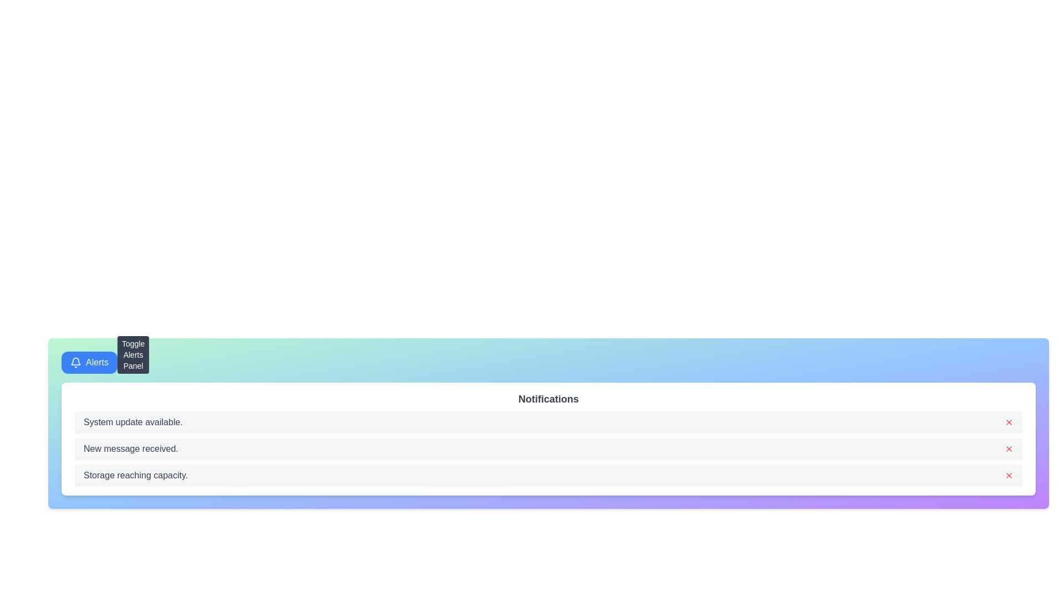 The width and height of the screenshot is (1064, 598). Describe the element at coordinates (89, 363) in the screenshot. I see `the button located at the top-left corner of the gradient-background panel` at that location.